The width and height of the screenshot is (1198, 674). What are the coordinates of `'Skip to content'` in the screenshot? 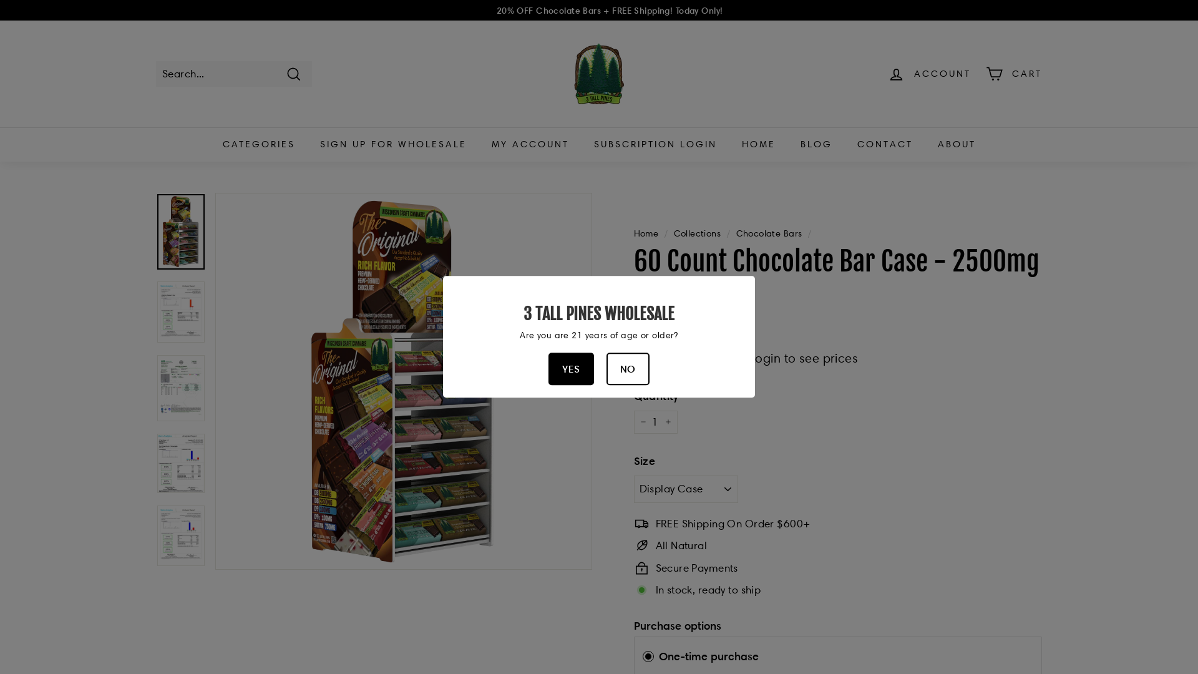 It's located at (0, 0).